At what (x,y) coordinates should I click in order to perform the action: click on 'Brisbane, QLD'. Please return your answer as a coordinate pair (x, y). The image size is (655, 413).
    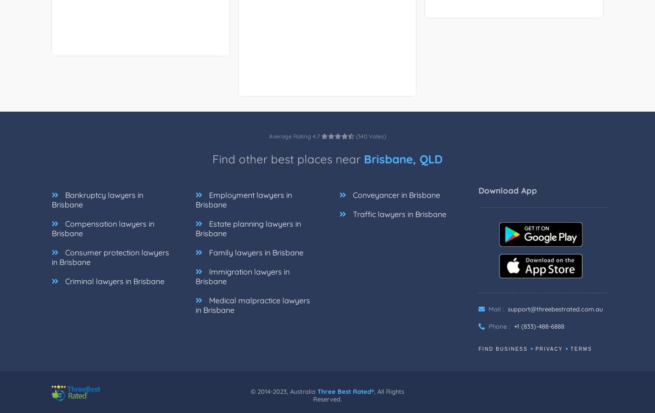
    Looking at the image, I should click on (403, 170).